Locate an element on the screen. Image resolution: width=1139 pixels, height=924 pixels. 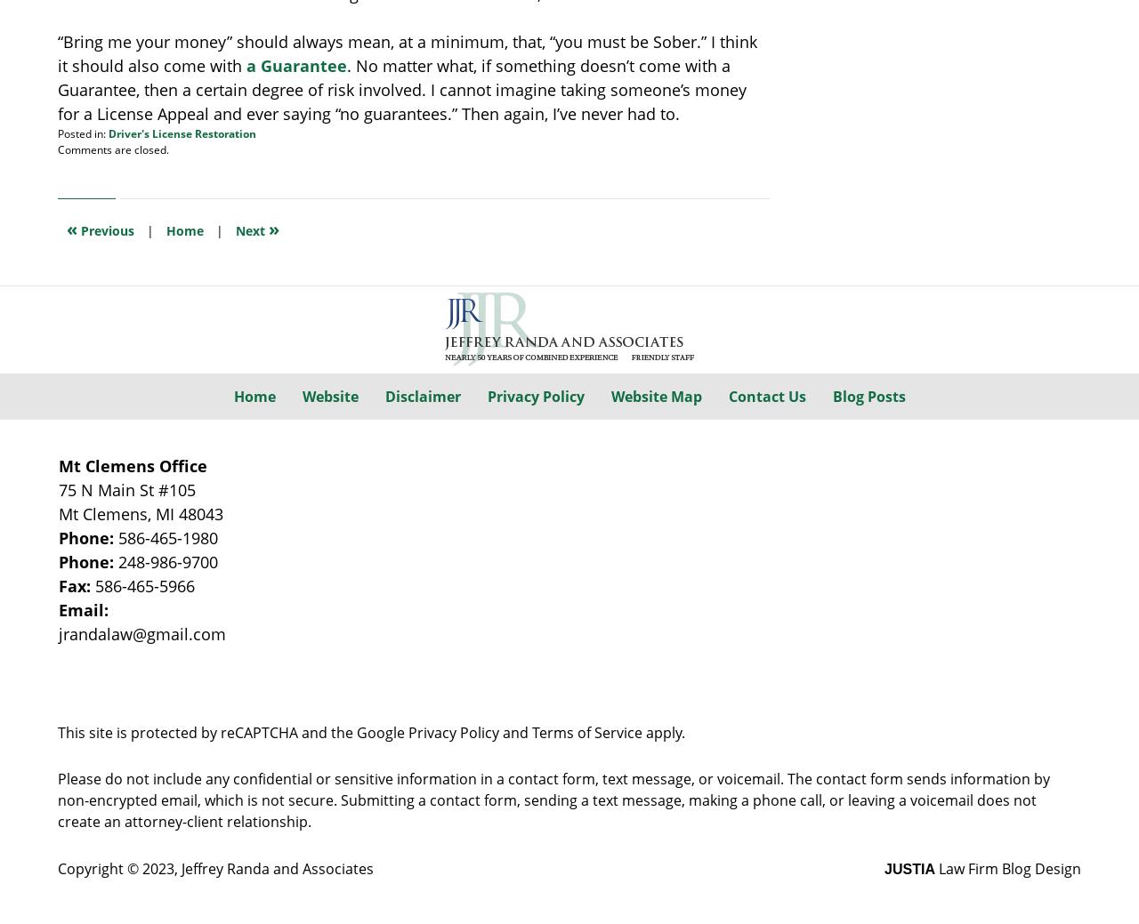
'Driver's License Restoration' is located at coordinates (107, 133).